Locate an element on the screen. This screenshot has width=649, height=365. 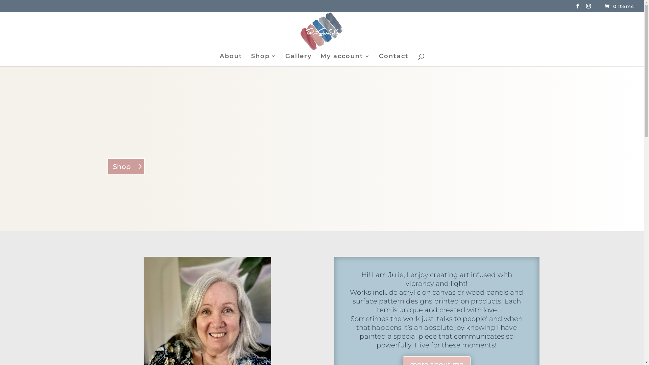
'0 Items' is located at coordinates (618, 6).